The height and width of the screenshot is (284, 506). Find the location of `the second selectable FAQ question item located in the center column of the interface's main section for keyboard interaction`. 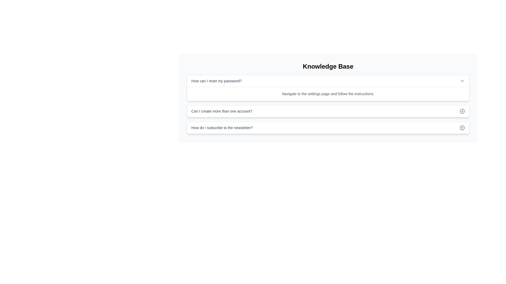

the second selectable FAQ question item located in the center column of the interface's main section for keyboard interaction is located at coordinates (328, 111).